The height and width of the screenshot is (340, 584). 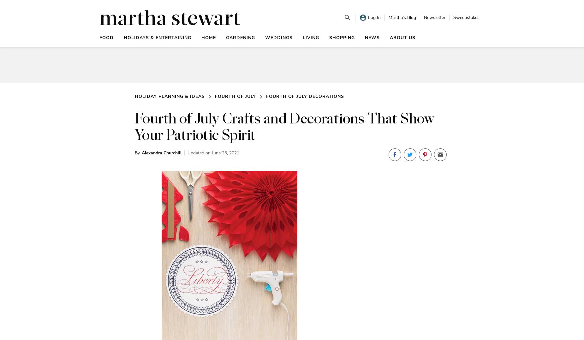 What do you see at coordinates (137, 153) in the screenshot?
I see `'By'` at bounding box center [137, 153].